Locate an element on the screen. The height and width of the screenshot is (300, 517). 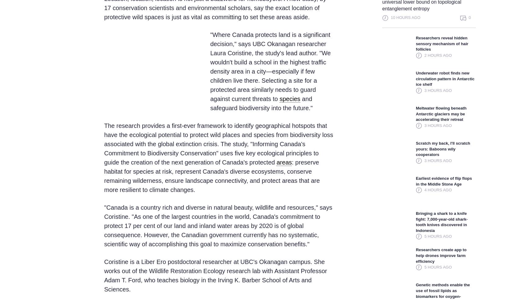
'4 hours ago' is located at coordinates (437, 190).